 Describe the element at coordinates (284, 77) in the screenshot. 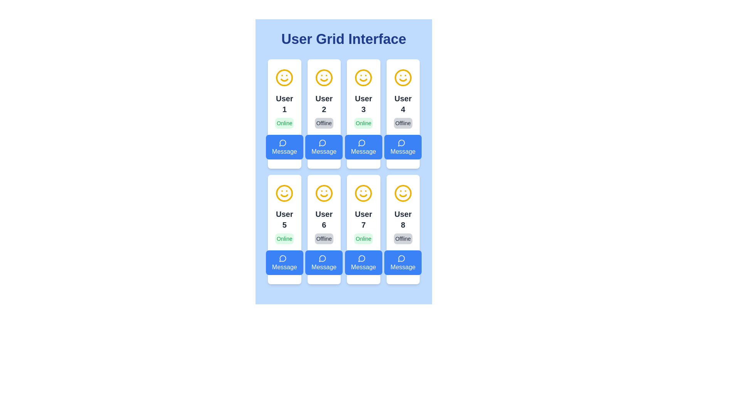

I see `the smiling face icon with a circular outline in yellow, located at the top of the user profile card for 'User 1'` at that location.